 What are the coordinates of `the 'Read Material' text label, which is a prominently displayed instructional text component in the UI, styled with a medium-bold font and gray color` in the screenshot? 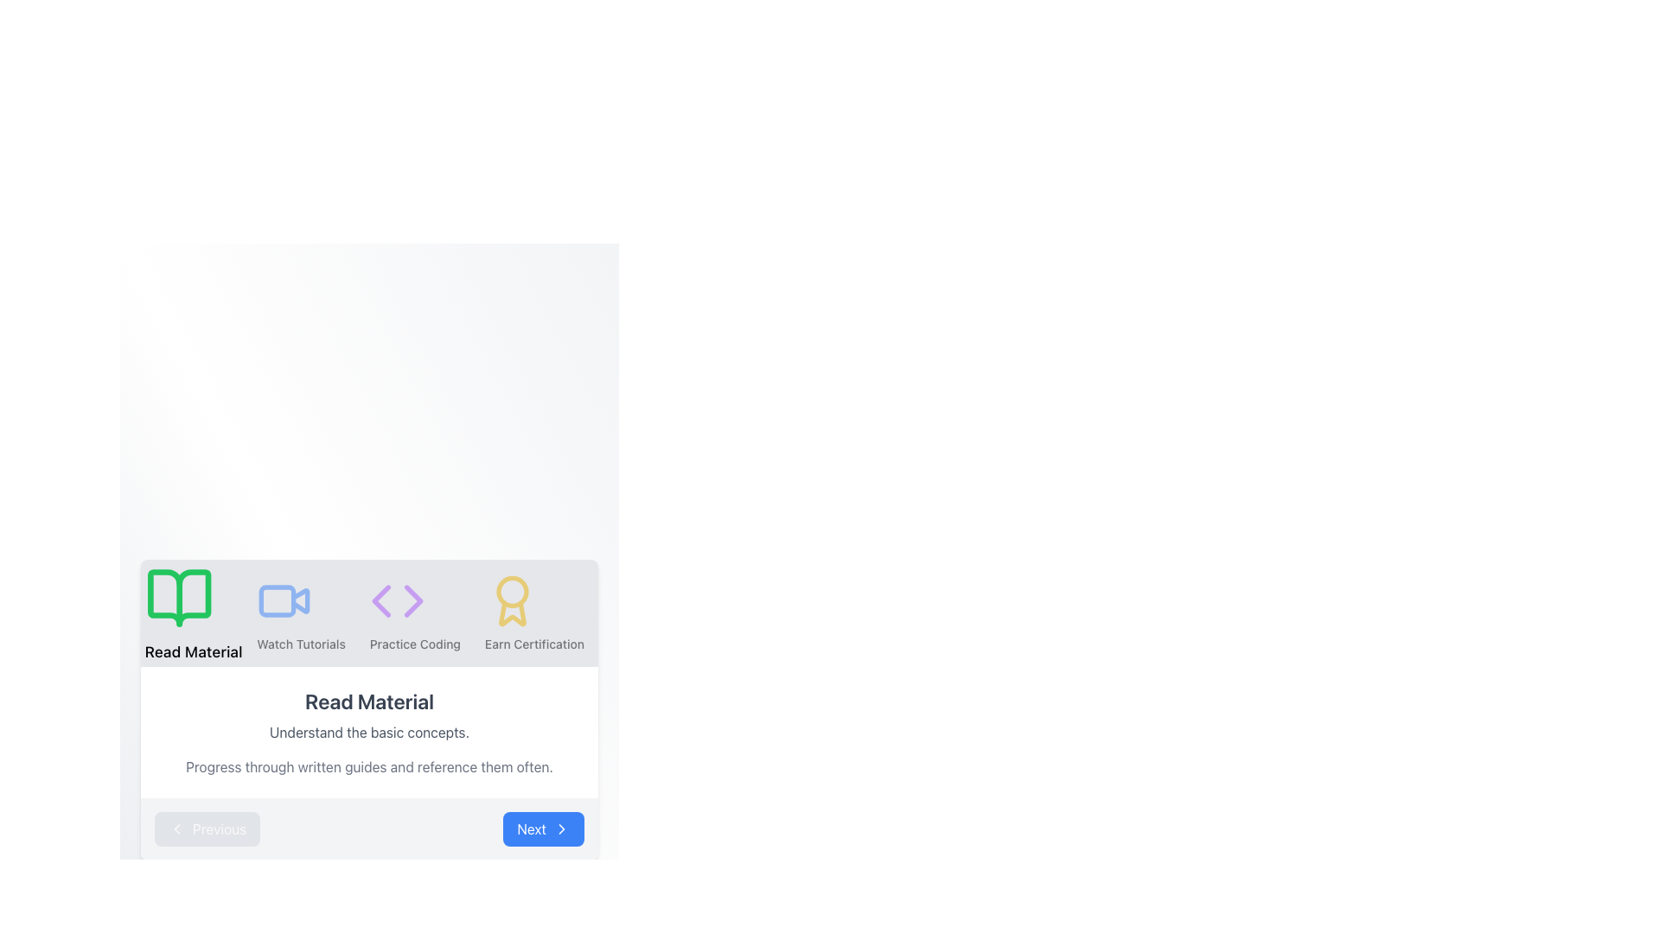 It's located at (368, 701).